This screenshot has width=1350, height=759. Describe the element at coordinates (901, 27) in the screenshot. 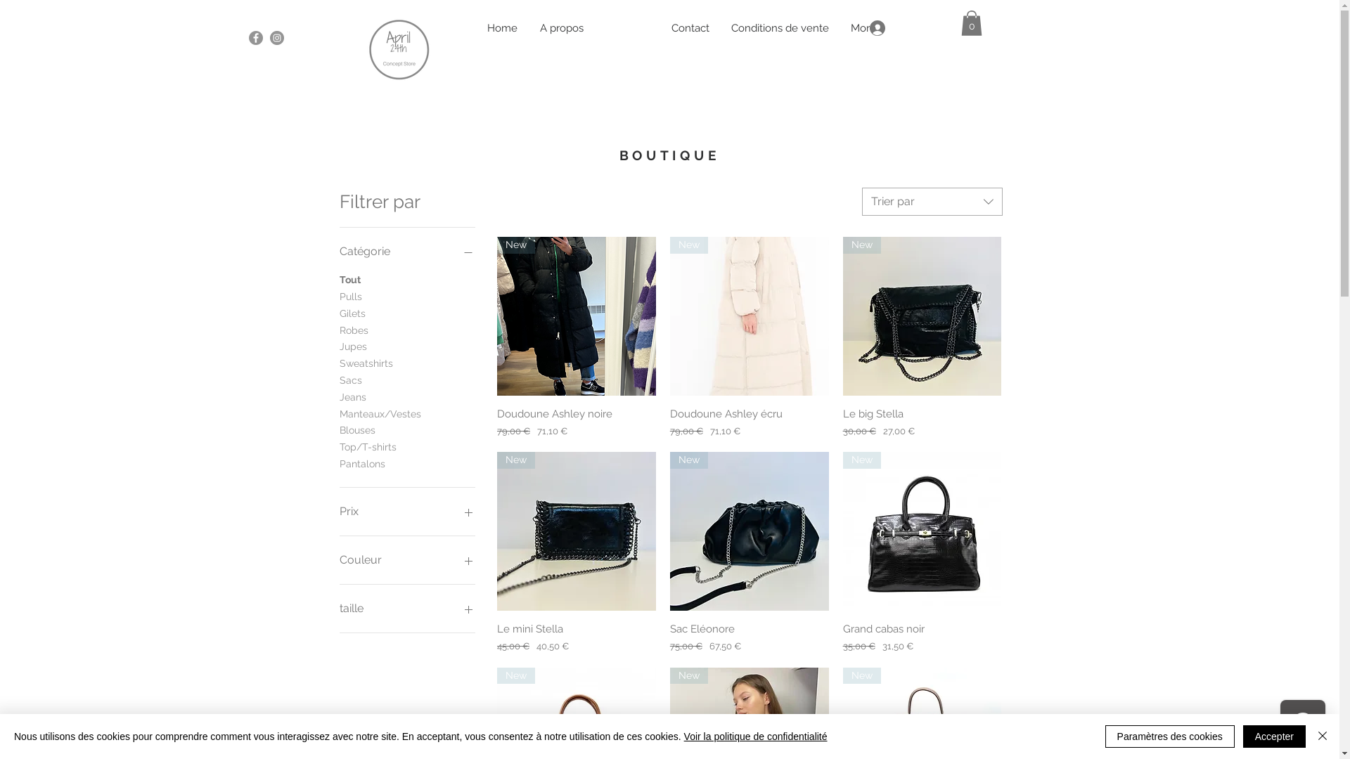

I see `'Se connecter'` at that location.